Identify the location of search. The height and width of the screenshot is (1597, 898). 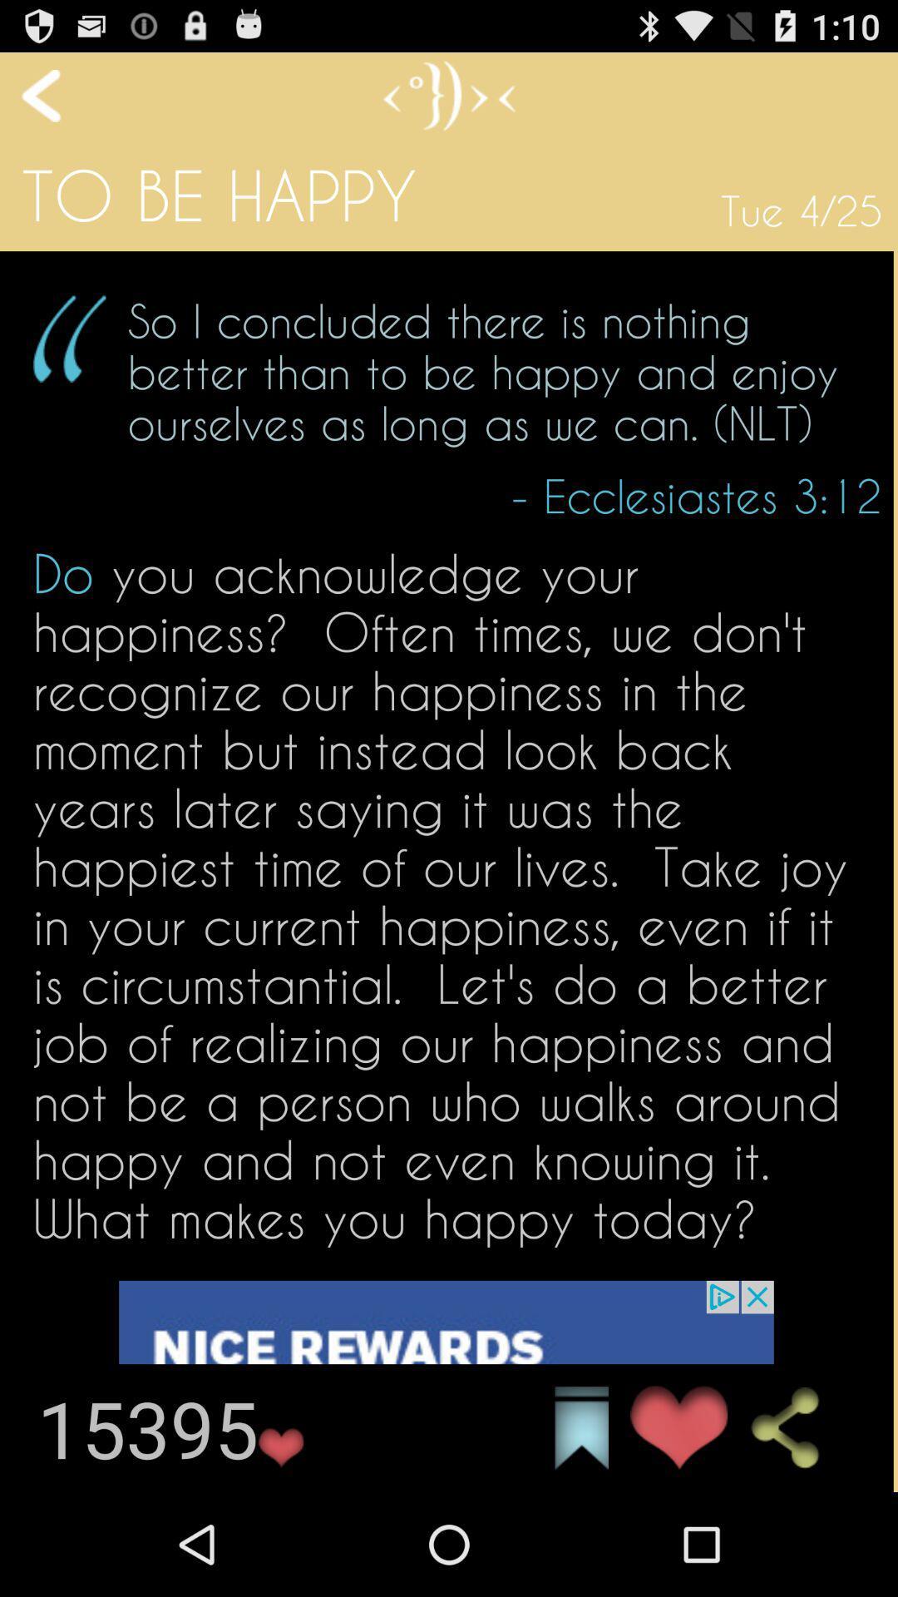
(798, 1427).